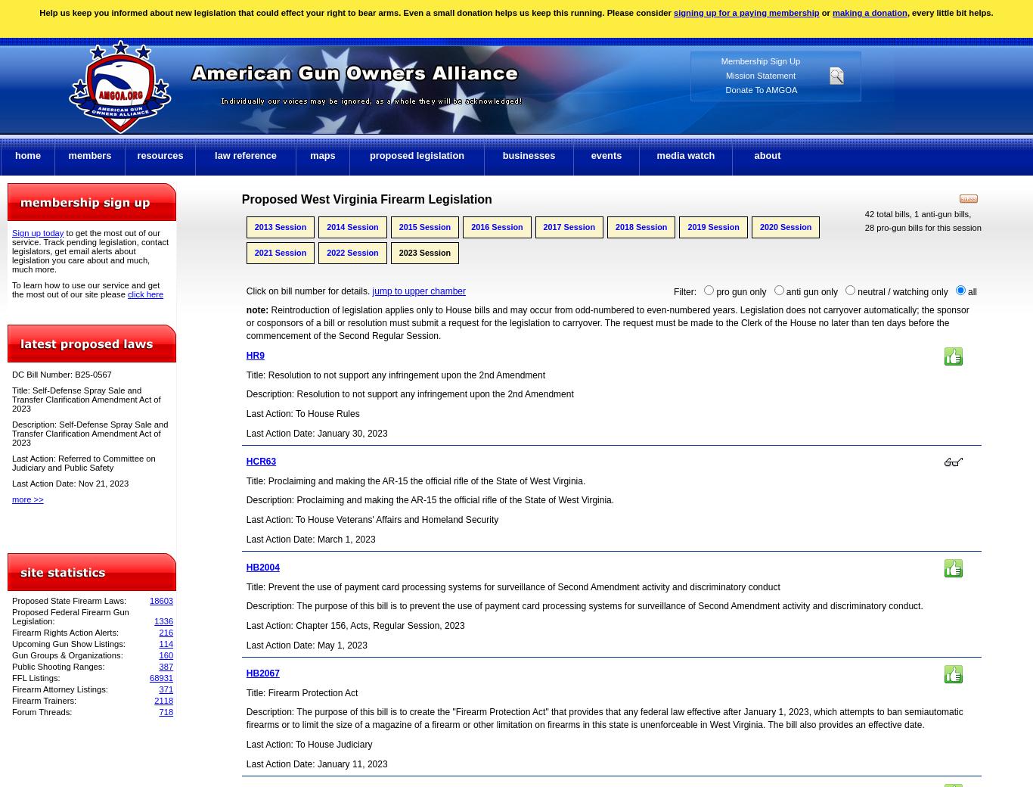 The image size is (1033, 787). Describe the element at coordinates (245, 413) in the screenshot. I see `'Last Action: To House Rules'` at that location.